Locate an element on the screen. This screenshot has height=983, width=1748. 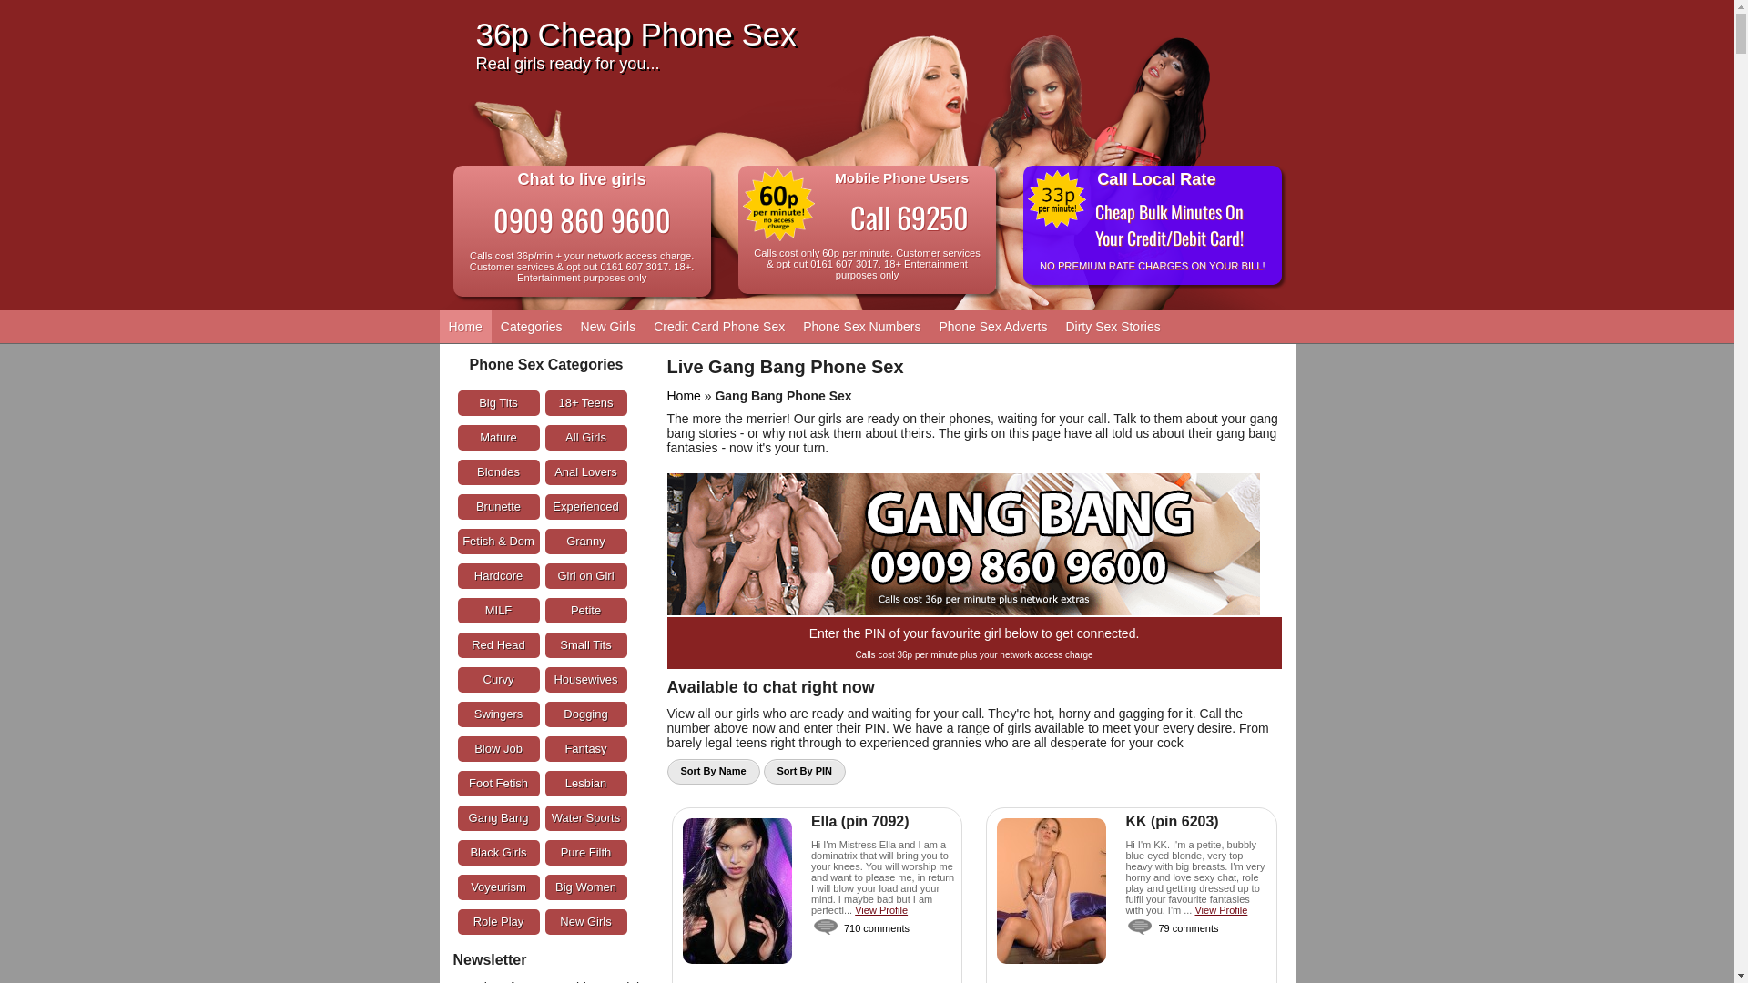
'Sort By PIN' is located at coordinates (804, 772).